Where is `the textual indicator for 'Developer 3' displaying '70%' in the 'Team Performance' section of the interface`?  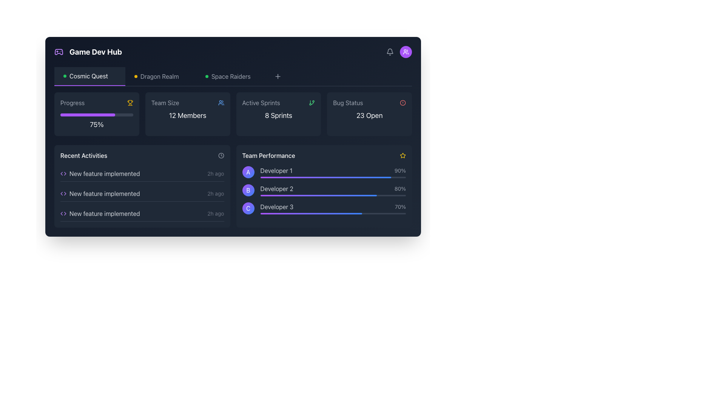
the textual indicator for 'Developer 3' displaying '70%' in the 'Team Performance' section of the interface is located at coordinates (333, 207).